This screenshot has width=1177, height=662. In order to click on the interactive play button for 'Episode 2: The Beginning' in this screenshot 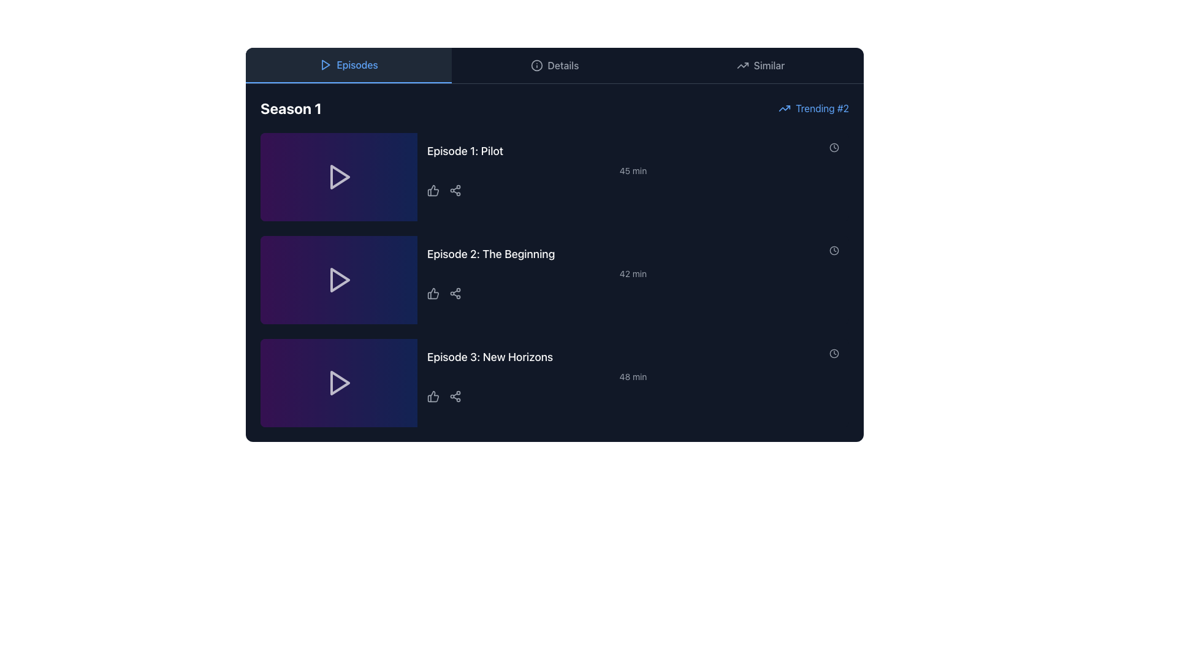, I will do `click(340, 280)`.